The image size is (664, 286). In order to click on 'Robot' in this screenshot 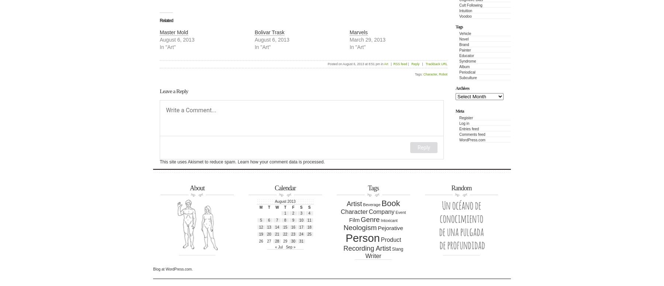, I will do `click(442, 74)`.